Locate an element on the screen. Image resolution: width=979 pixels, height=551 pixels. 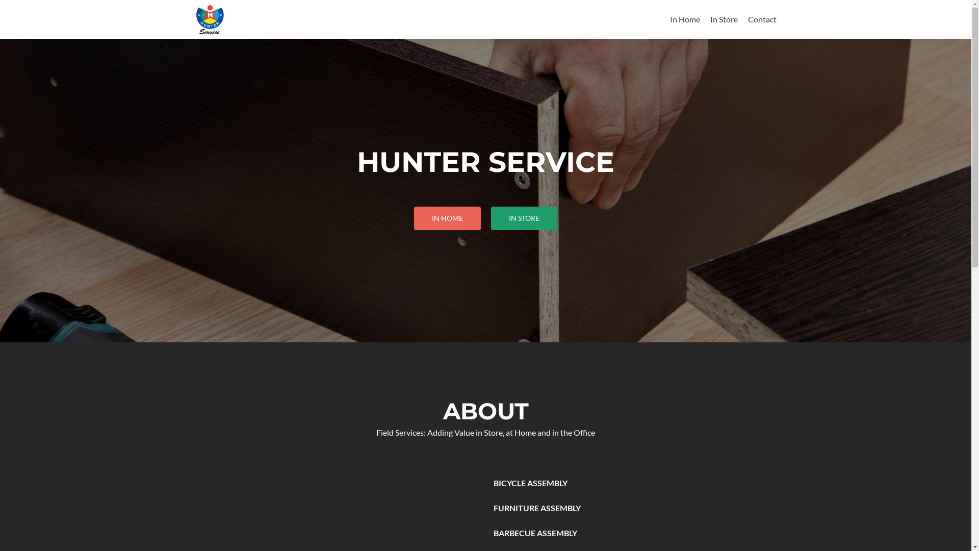
'IN STORE' is located at coordinates (524, 218).